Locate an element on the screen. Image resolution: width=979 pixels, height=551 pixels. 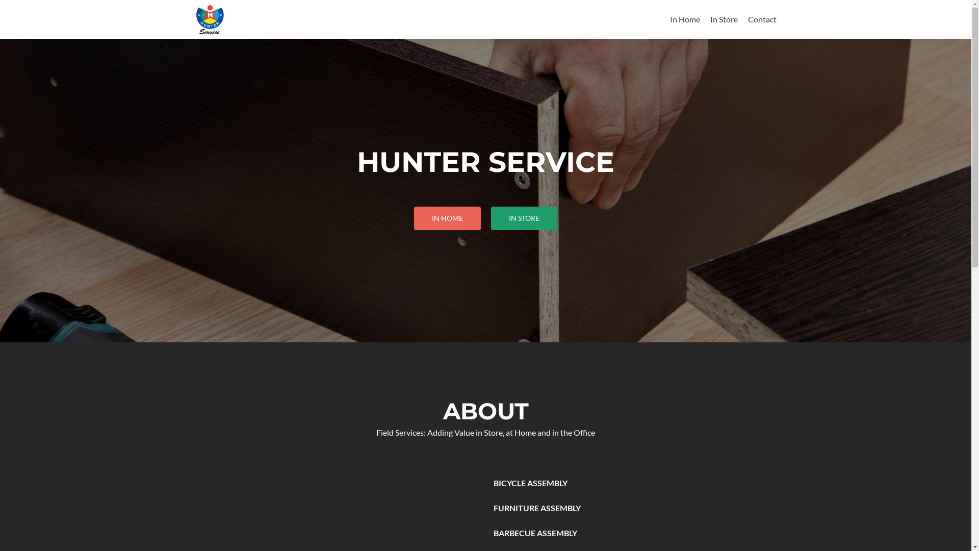
'IN STORE' is located at coordinates (524, 218).